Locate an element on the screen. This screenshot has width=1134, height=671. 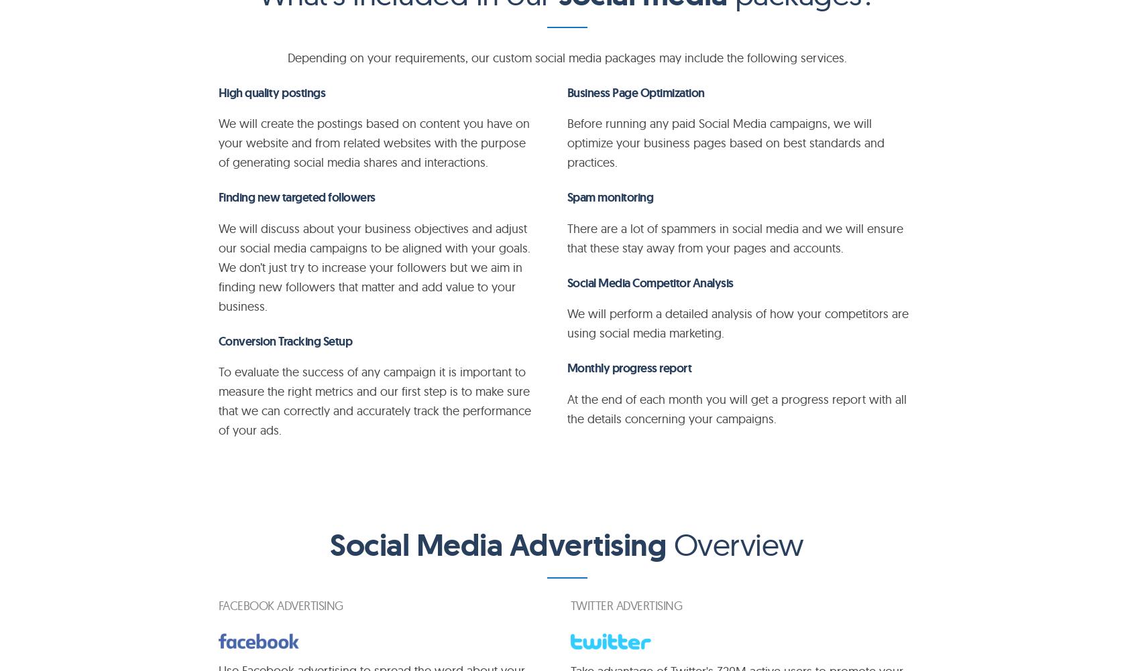
'Finding new targeted followers' is located at coordinates (296, 196).